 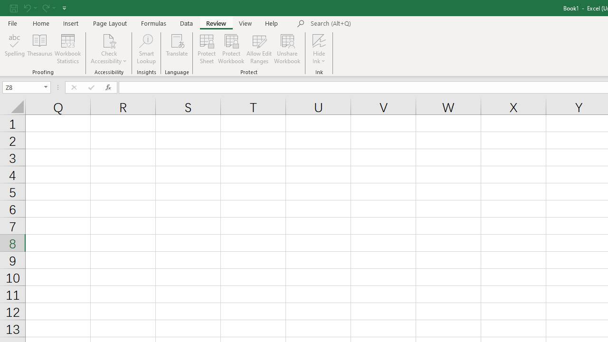 I want to click on 'Quick Access Toolbar', so click(x=38, y=8).